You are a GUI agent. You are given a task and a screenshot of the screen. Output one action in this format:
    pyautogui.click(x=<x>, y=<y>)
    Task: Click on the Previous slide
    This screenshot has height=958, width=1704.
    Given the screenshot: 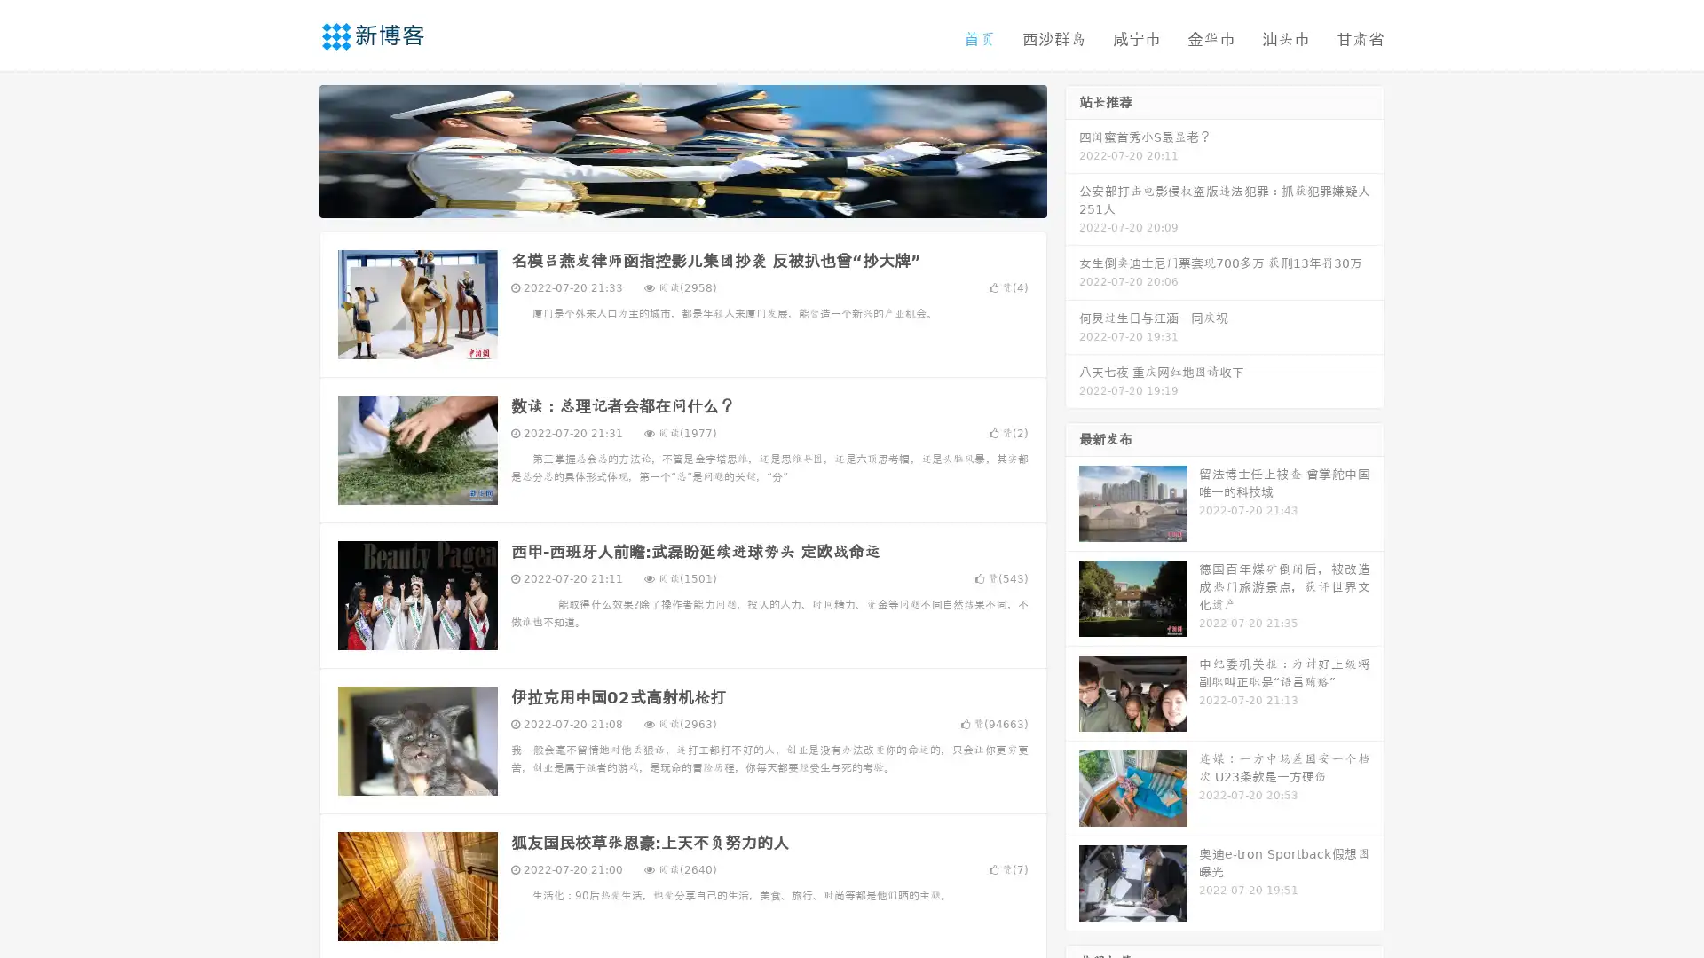 What is the action you would take?
    pyautogui.click(x=293, y=149)
    